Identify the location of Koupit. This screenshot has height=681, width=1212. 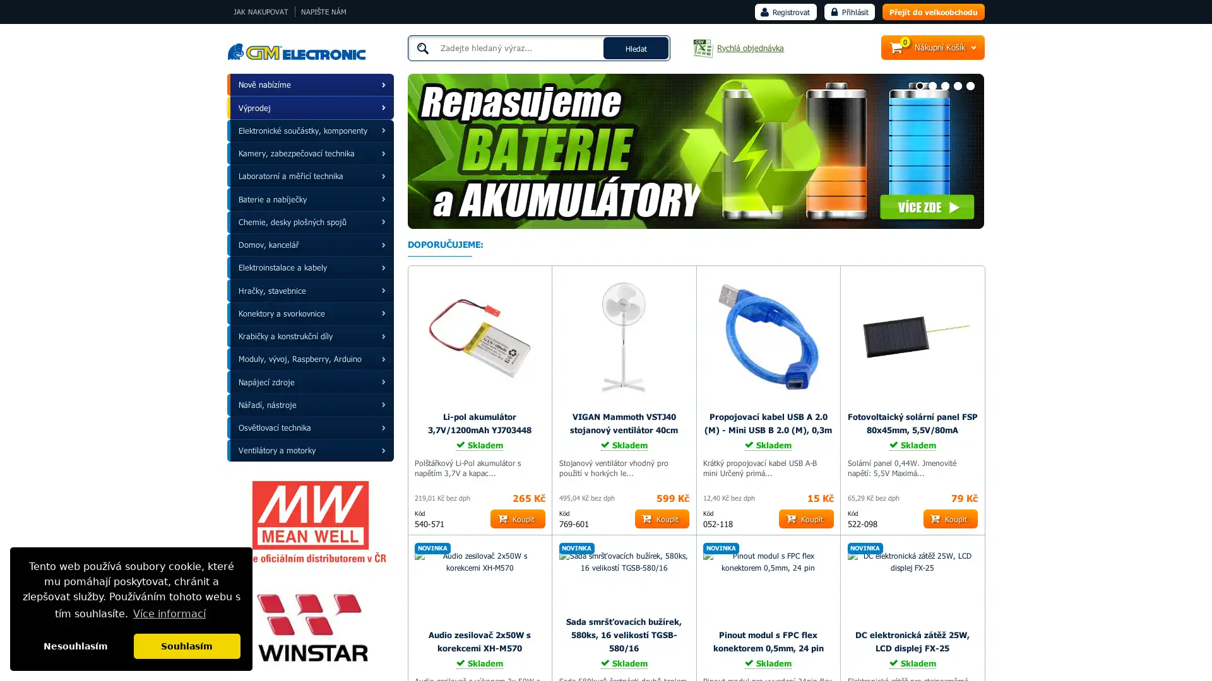
(518, 518).